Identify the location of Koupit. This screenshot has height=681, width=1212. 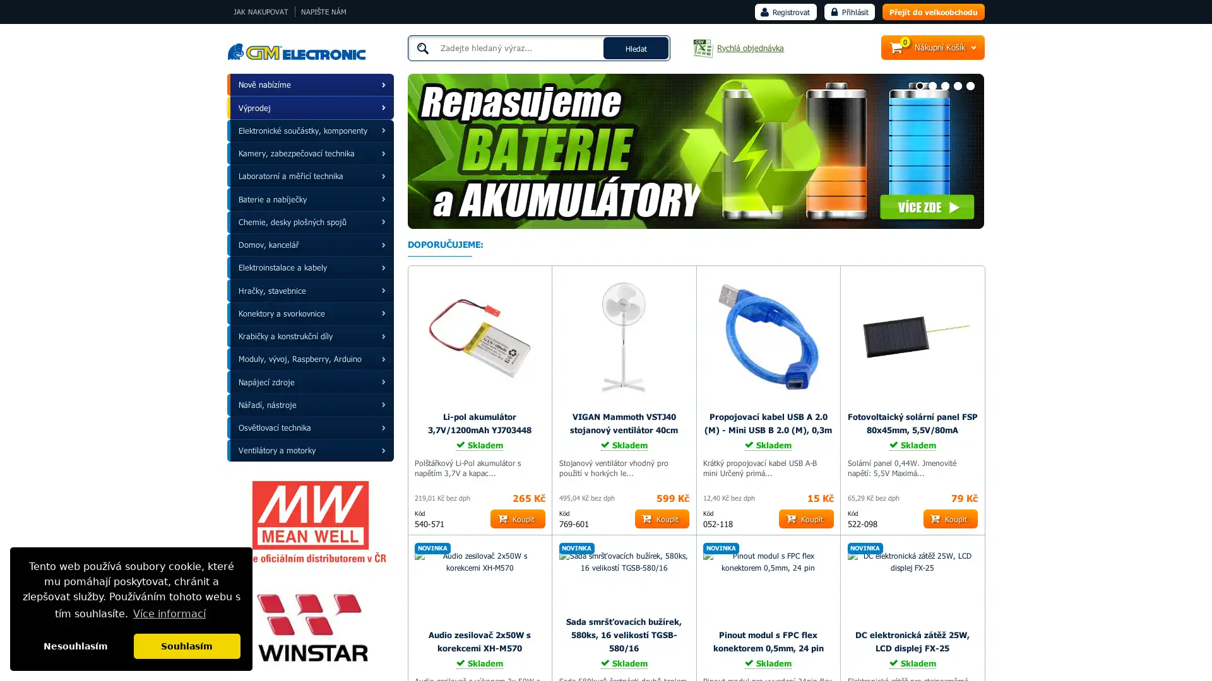
(518, 518).